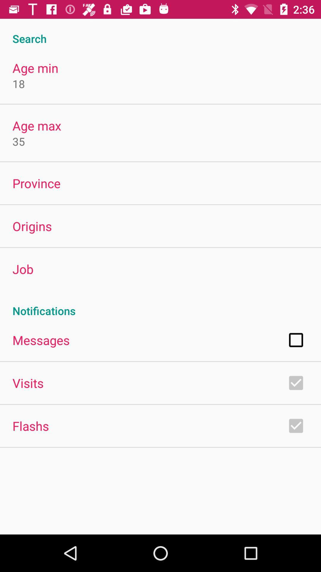 This screenshot has height=572, width=321. I want to click on the app below age max icon, so click(18, 141).